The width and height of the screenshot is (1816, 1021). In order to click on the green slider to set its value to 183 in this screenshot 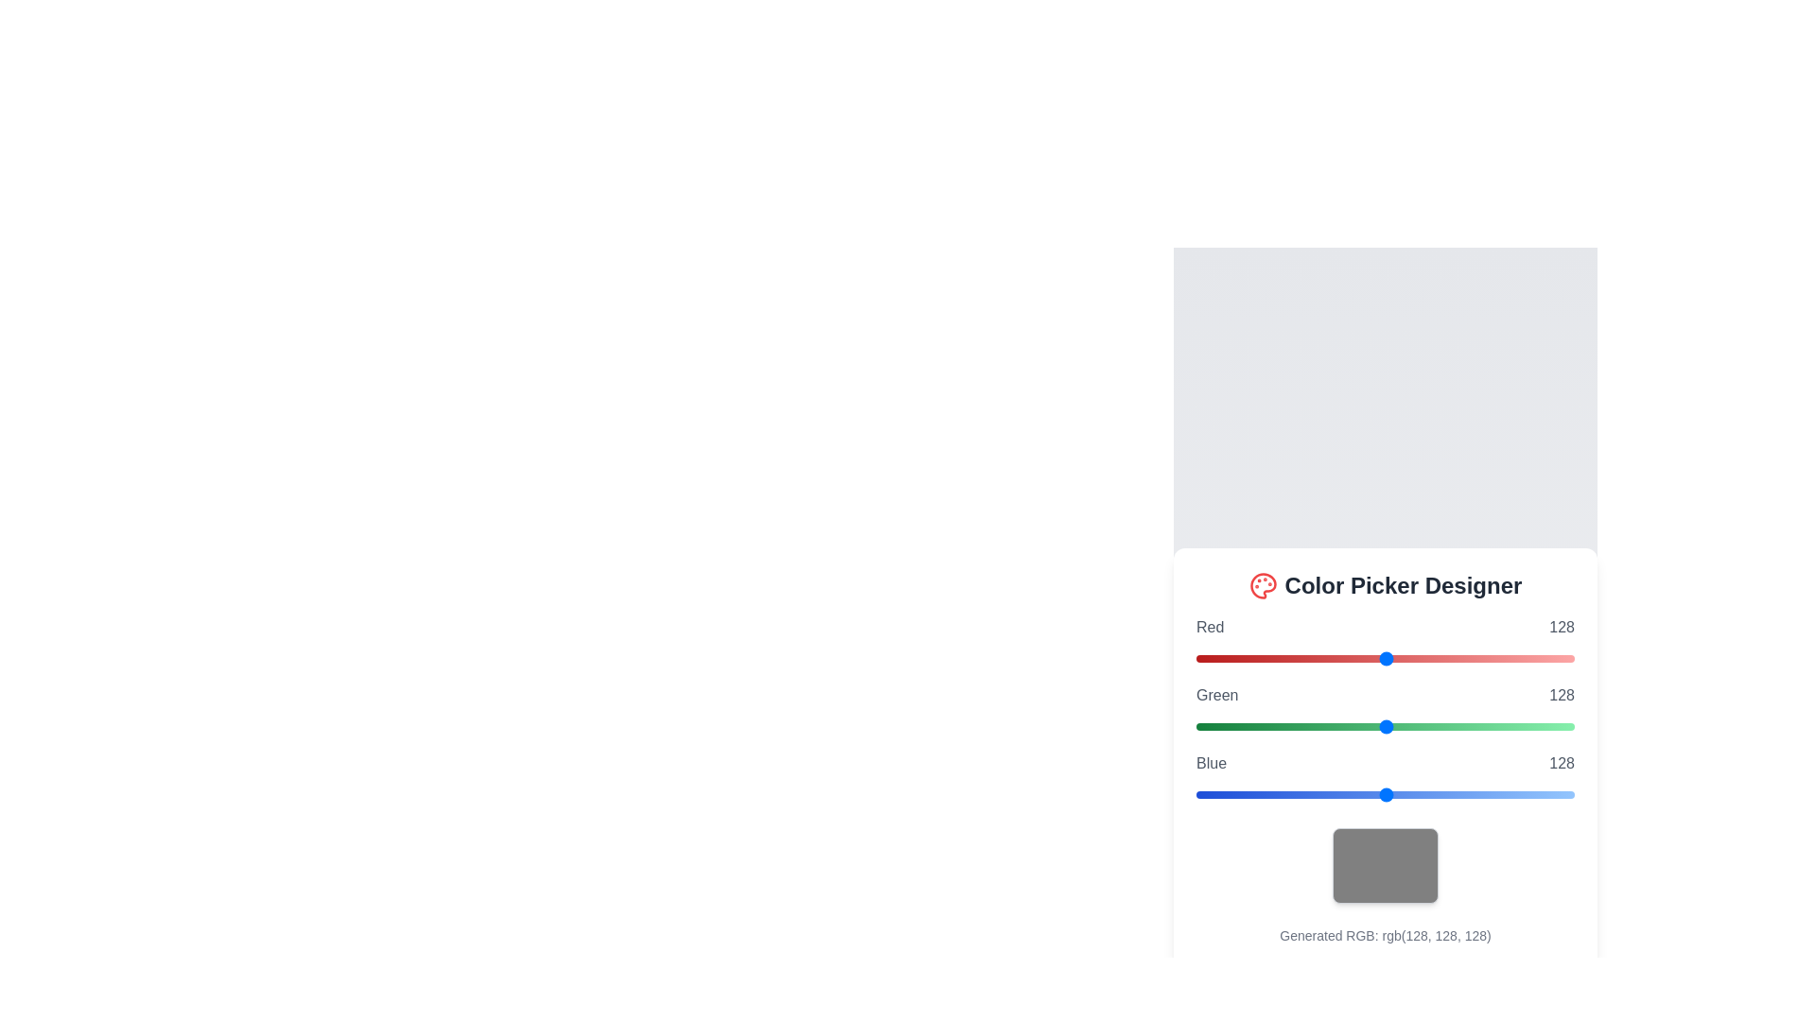, I will do `click(1467, 725)`.